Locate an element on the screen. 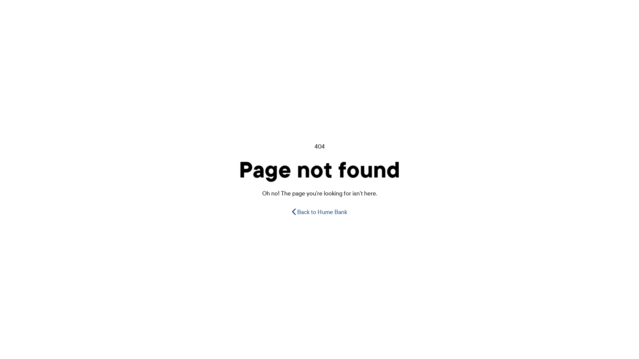 The width and height of the screenshot is (639, 359). 'Back to Hume Bank' is located at coordinates (292, 212).